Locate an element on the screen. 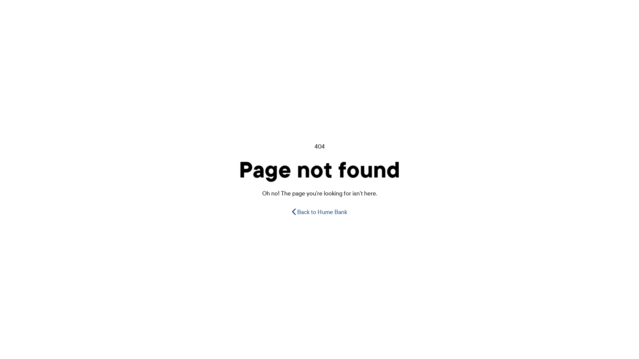 The width and height of the screenshot is (639, 359). 'Back to Hume Bank' is located at coordinates (292, 212).